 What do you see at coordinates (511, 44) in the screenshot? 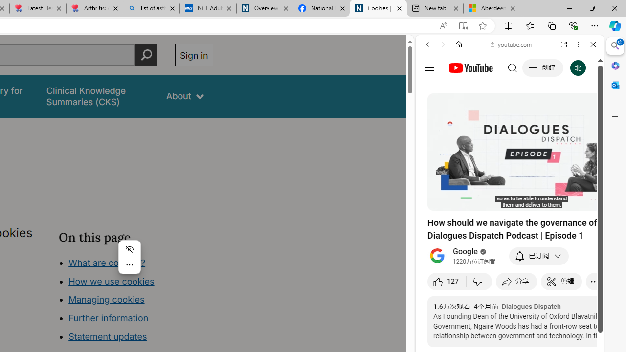
I see `'youtube.com'` at bounding box center [511, 44].